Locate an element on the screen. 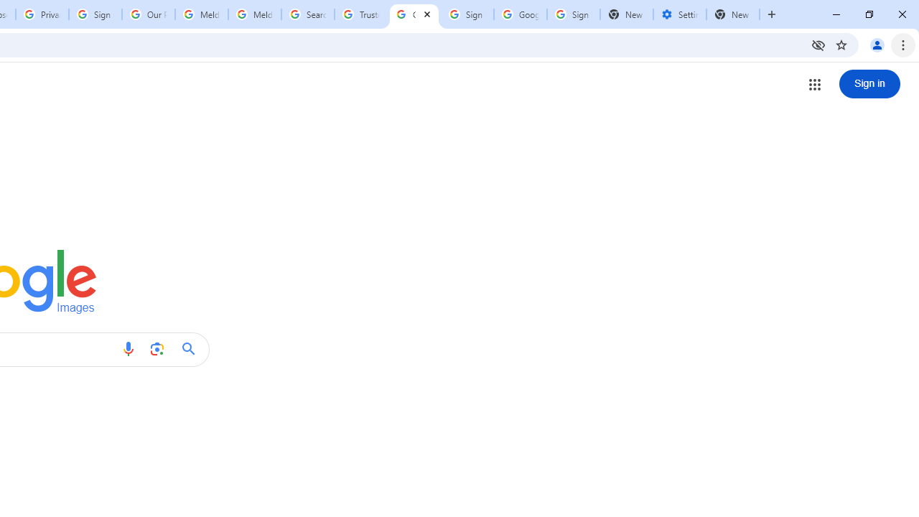 This screenshot has width=919, height=517. 'Sign in - Google Accounts' is located at coordinates (95, 14).